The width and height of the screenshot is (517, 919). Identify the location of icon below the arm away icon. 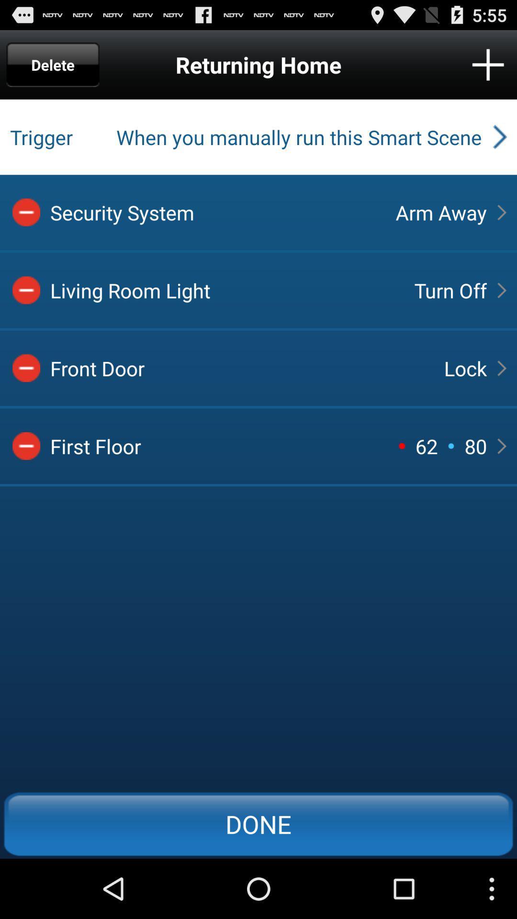
(450, 290).